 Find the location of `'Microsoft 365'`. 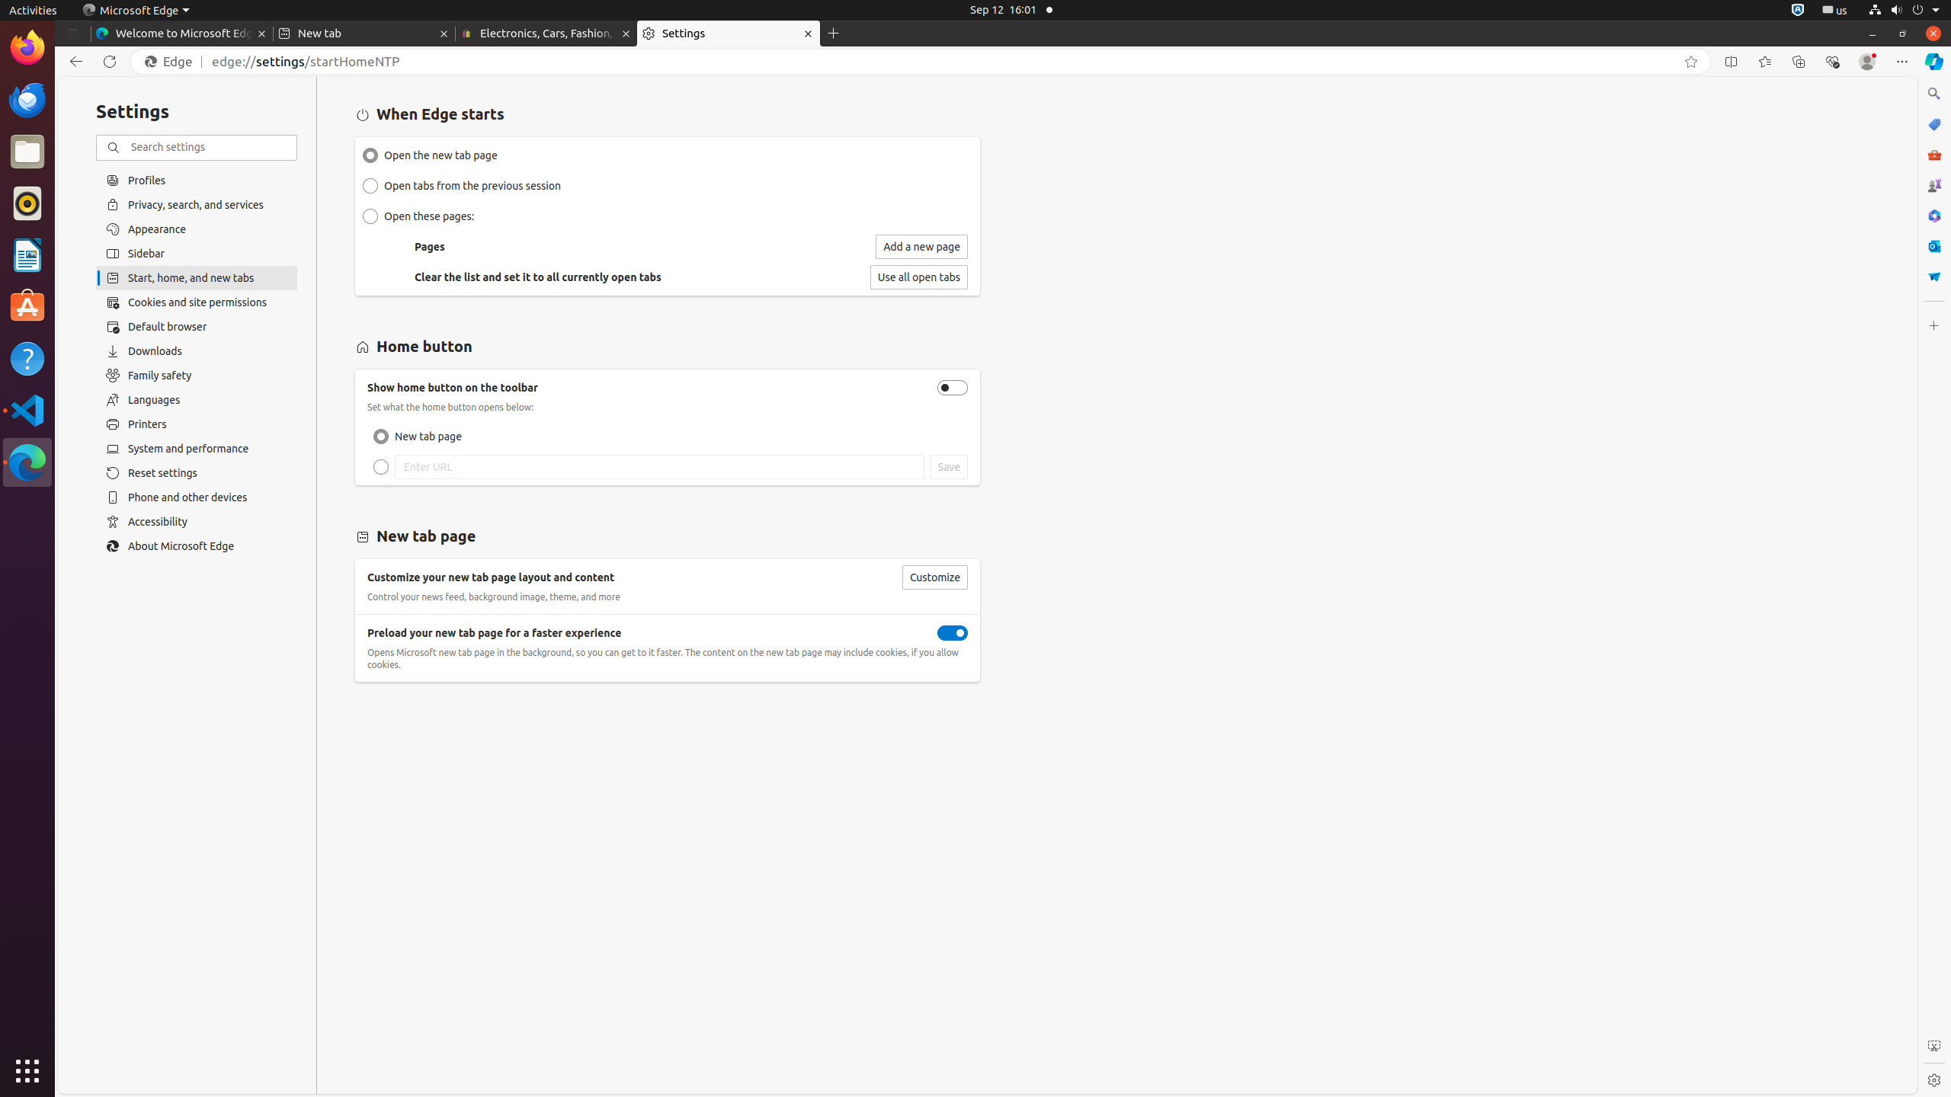

'Microsoft 365' is located at coordinates (1933, 215).